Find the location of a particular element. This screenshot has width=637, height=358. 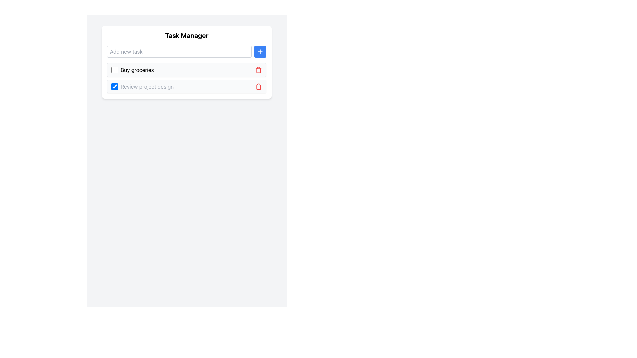

the header text label displaying 'Task Manager', which is bold and centered at the top of the panel is located at coordinates (186, 36).